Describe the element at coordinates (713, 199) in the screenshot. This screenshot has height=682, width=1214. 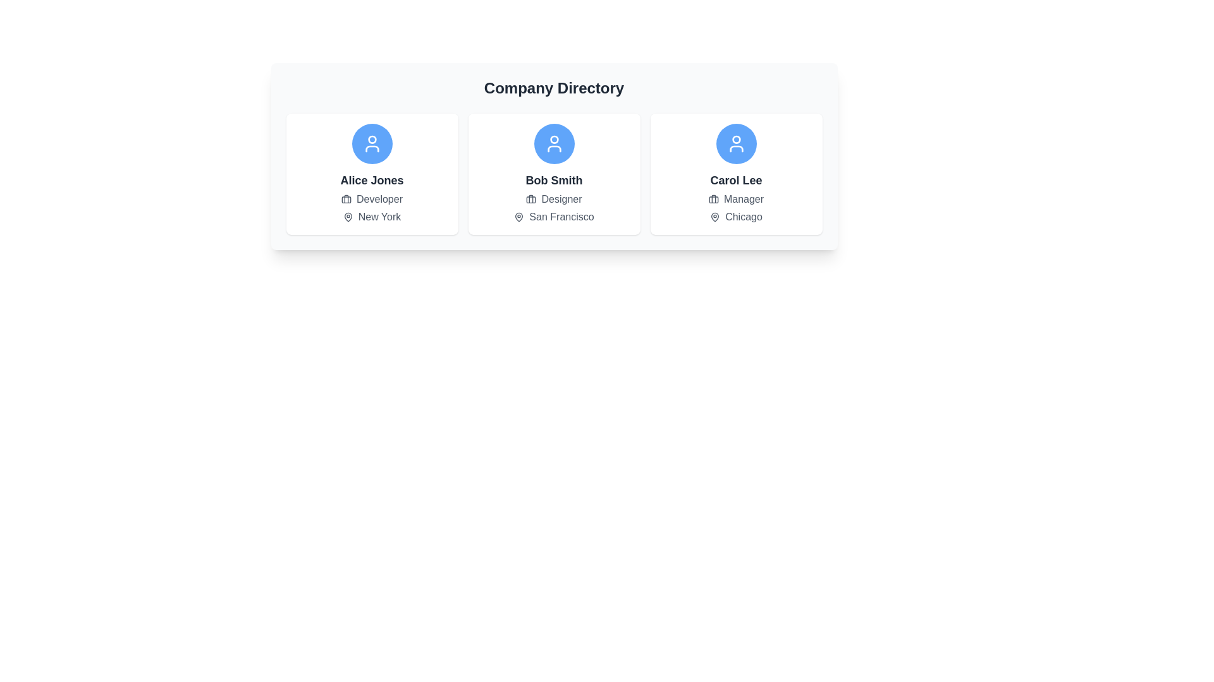
I see `the Manager icon located to the left of the role text 'Manager' in the card for 'Carol Lee' as it is part of an interactive interface` at that location.